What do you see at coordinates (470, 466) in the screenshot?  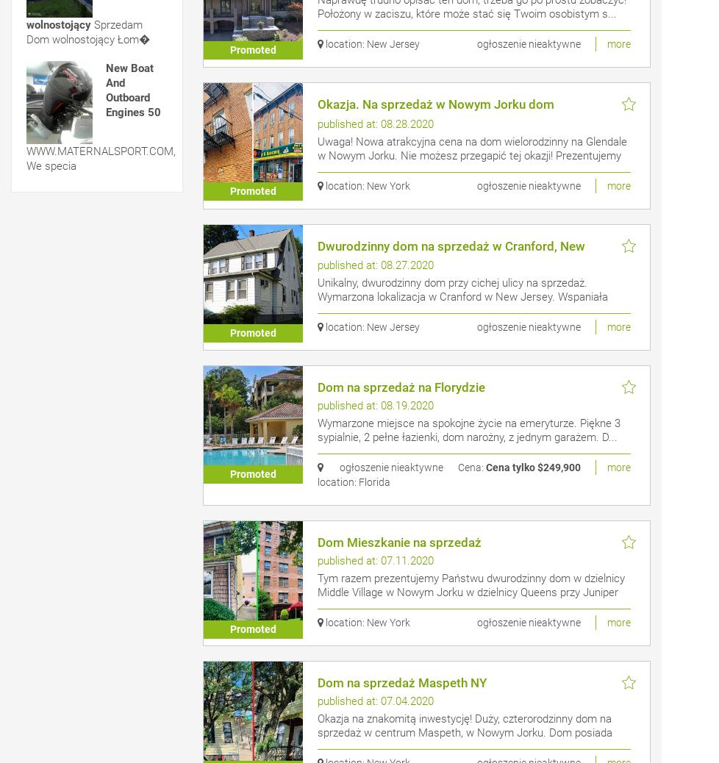 I see `'Cena:'` at bounding box center [470, 466].